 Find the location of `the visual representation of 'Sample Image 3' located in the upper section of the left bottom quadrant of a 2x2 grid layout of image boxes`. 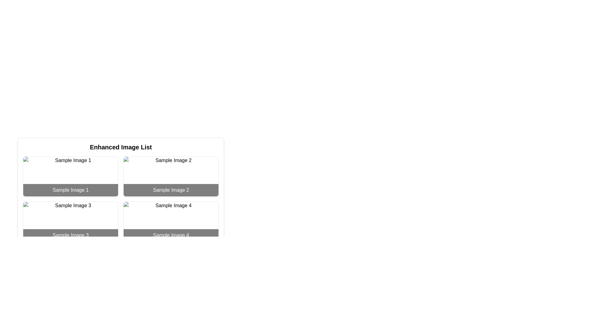

the visual representation of 'Sample Image 3' located in the upper section of the left bottom quadrant of a 2x2 grid layout of image boxes is located at coordinates (70, 221).